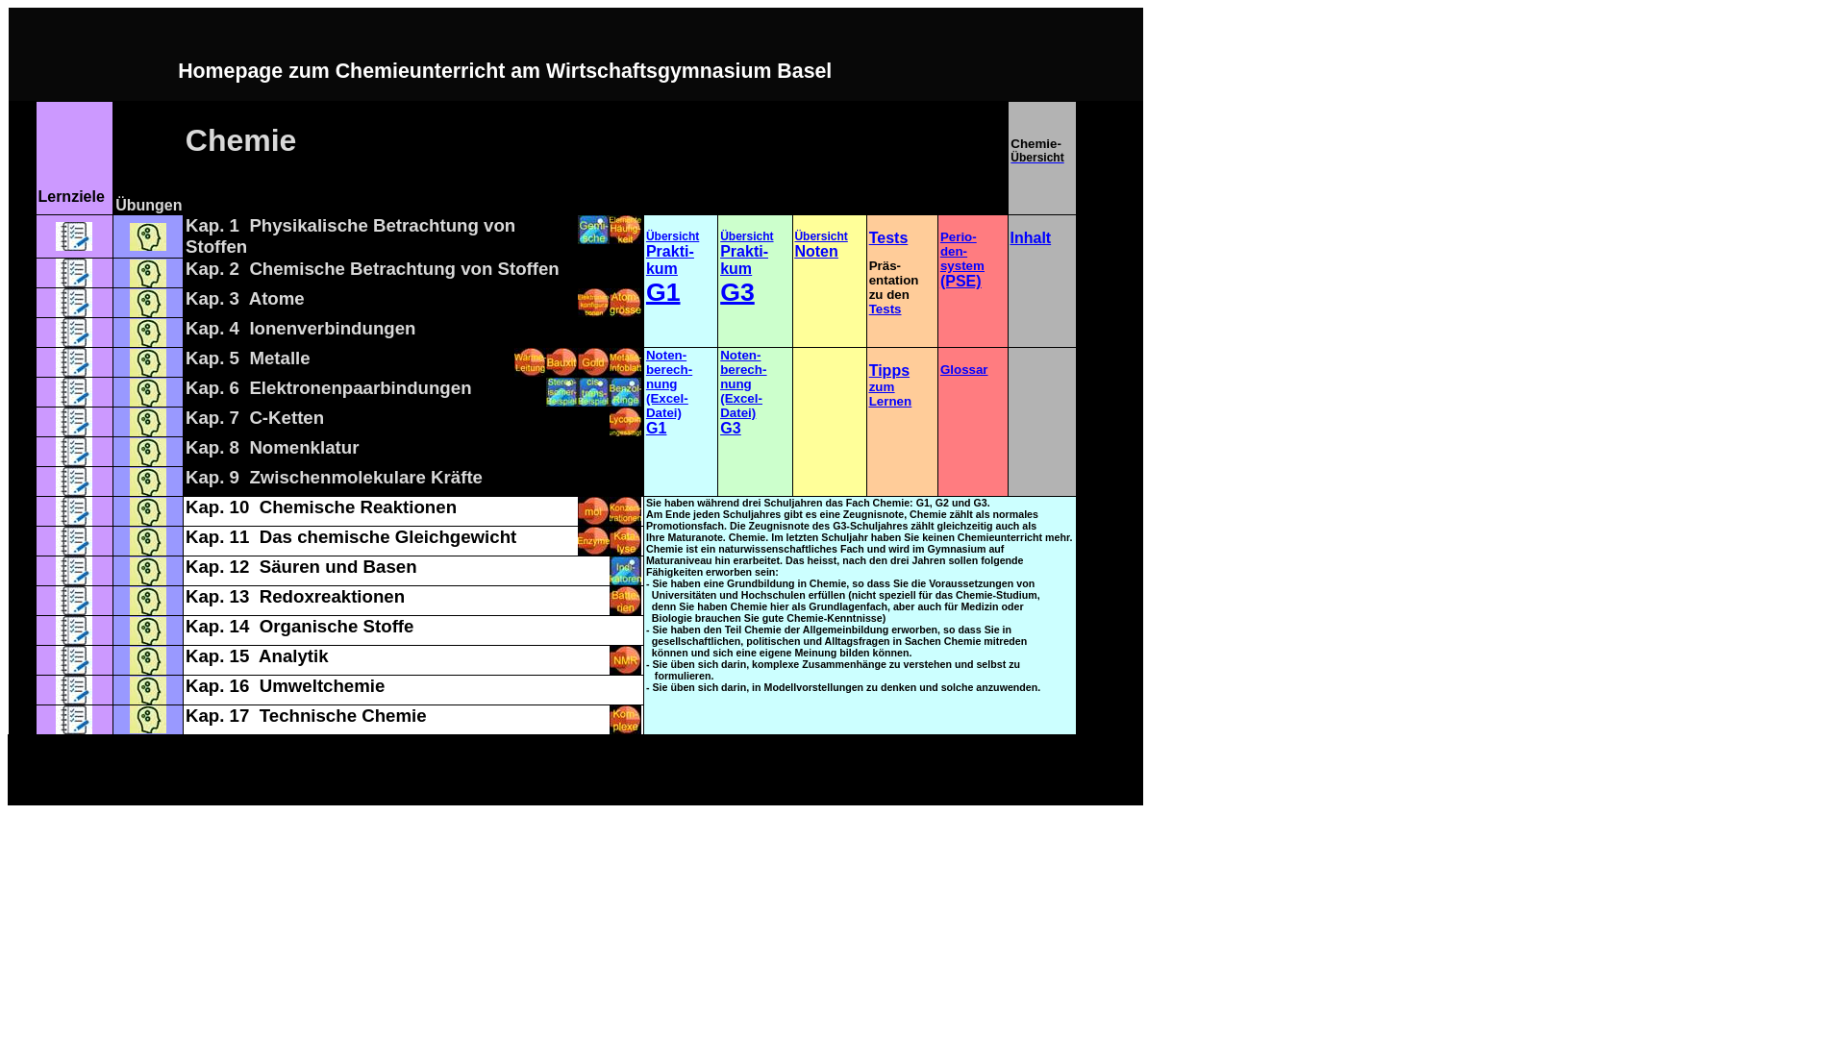 This screenshot has width=1846, height=1038. What do you see at coordinates (669, 250) in the screenshot?
I see `'Prakti-'` at bounding box center [669, 250].